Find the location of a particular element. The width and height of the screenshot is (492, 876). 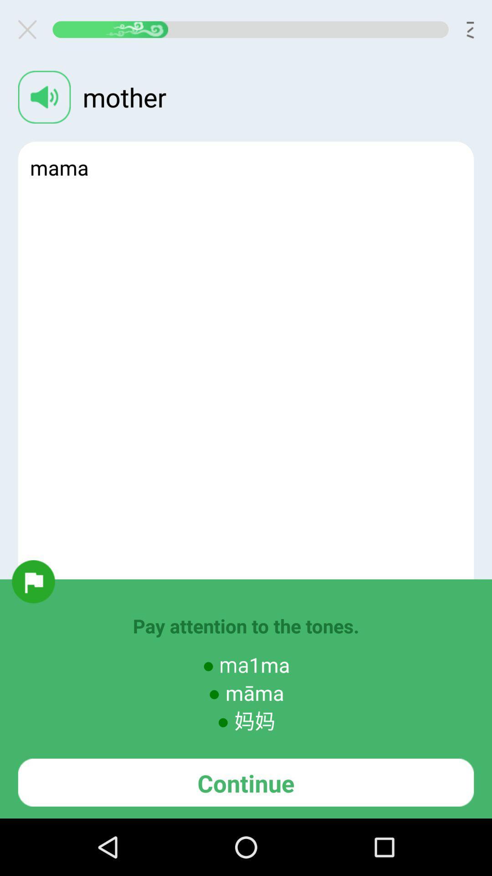

listen to word is located at coordinates (44, 97).